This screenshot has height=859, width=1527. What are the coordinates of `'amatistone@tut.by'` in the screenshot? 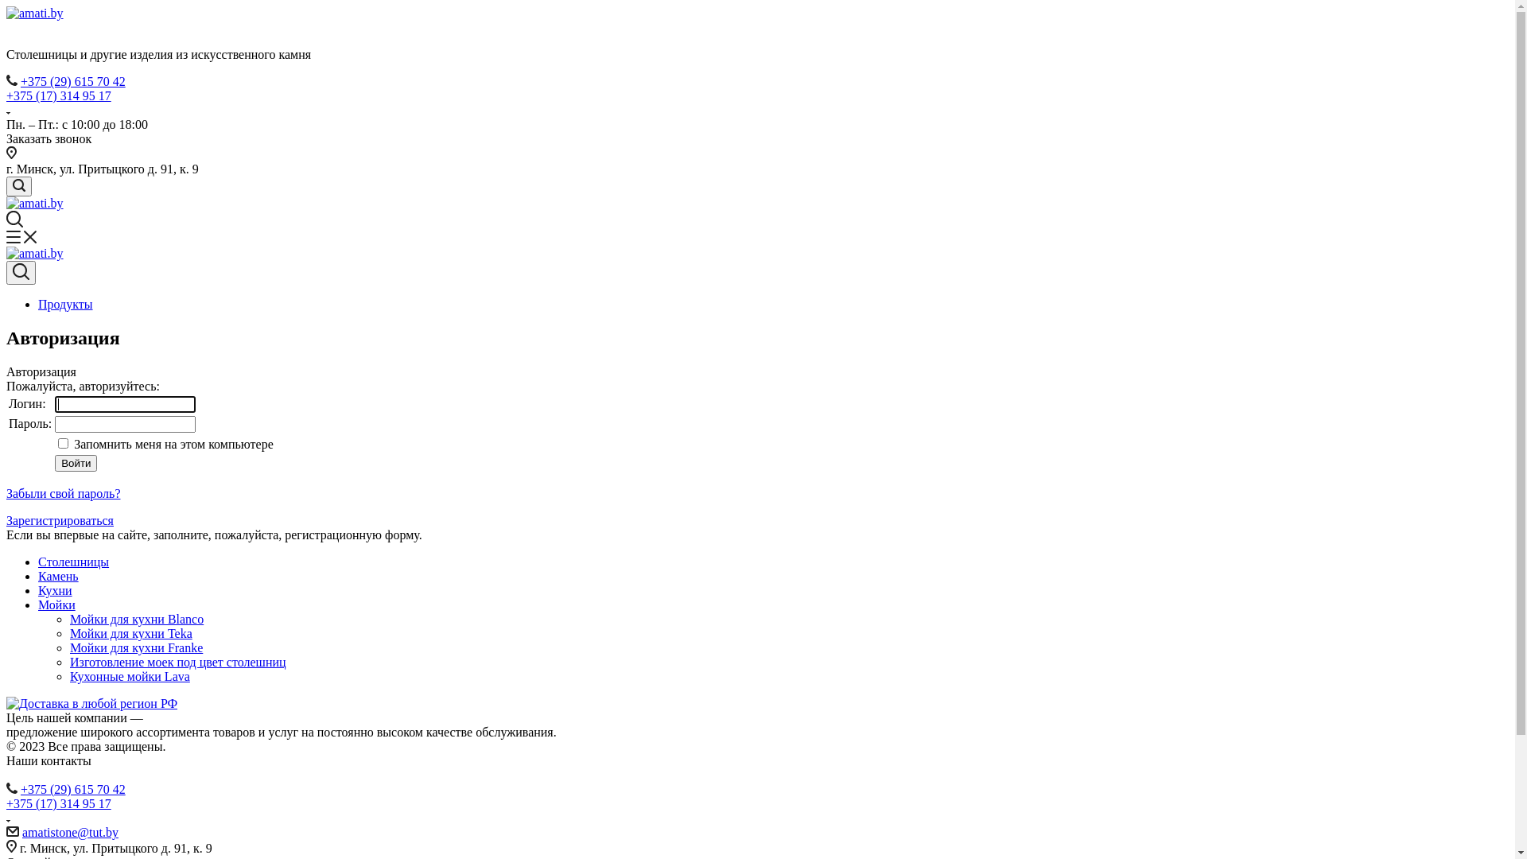 It's located at (69, 831).